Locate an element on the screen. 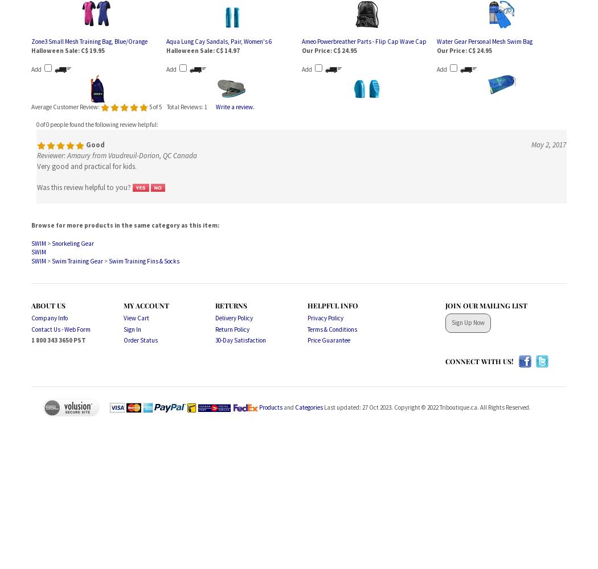  'and' is located at coordinates (287, 406).